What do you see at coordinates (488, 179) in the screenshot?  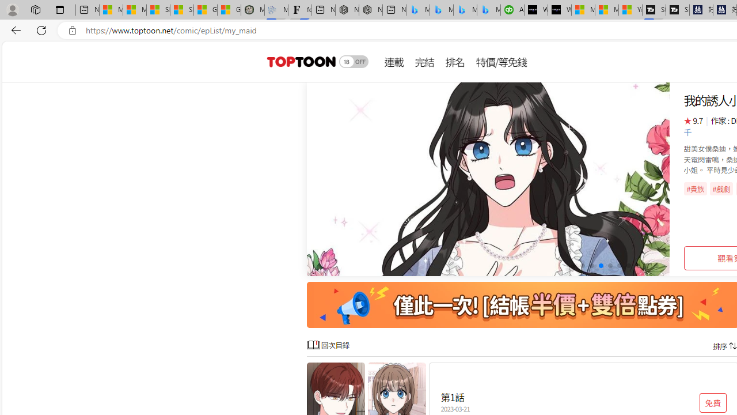 I see `'Class: swiper-slide swiper-slide-next'` at bounding box center [488, 179].